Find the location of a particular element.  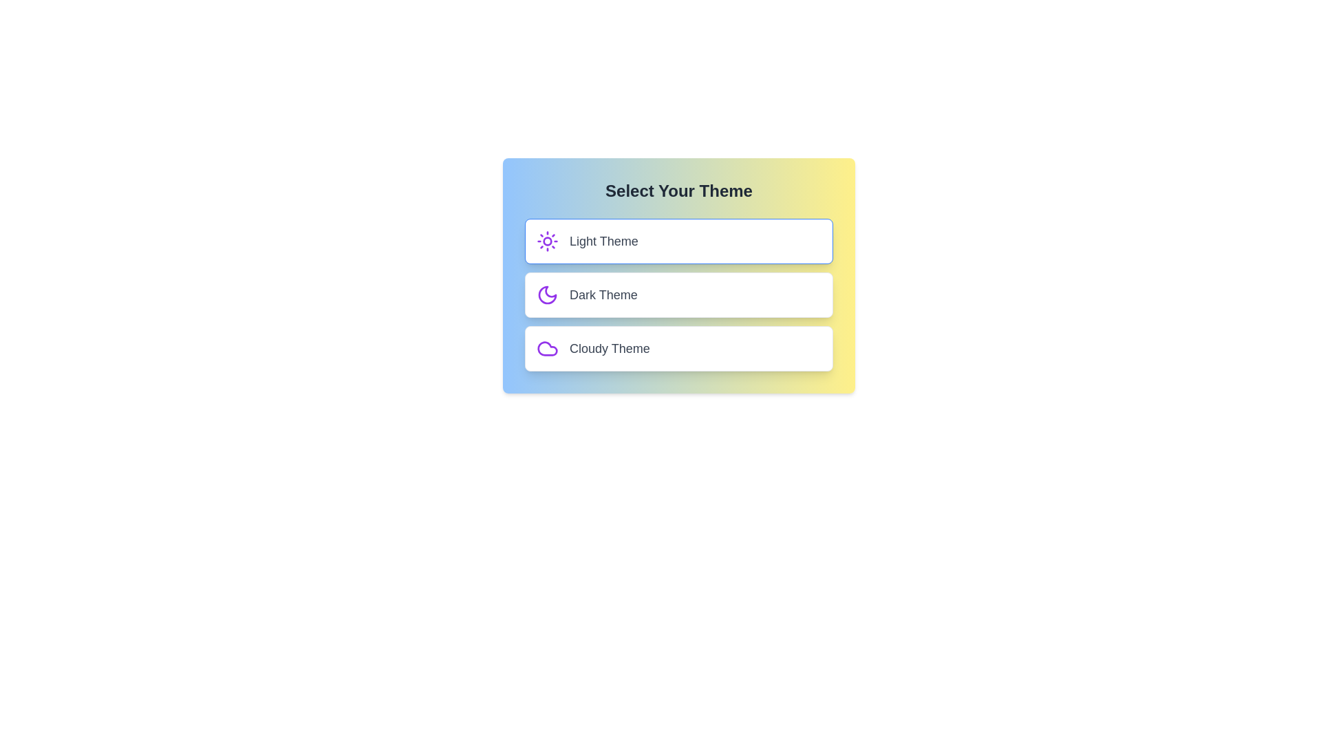

the Cloudy Theme icon, which is the prominent visual representation located at the extreme right of the third selectable theme option is located at coordinates (547, 347).